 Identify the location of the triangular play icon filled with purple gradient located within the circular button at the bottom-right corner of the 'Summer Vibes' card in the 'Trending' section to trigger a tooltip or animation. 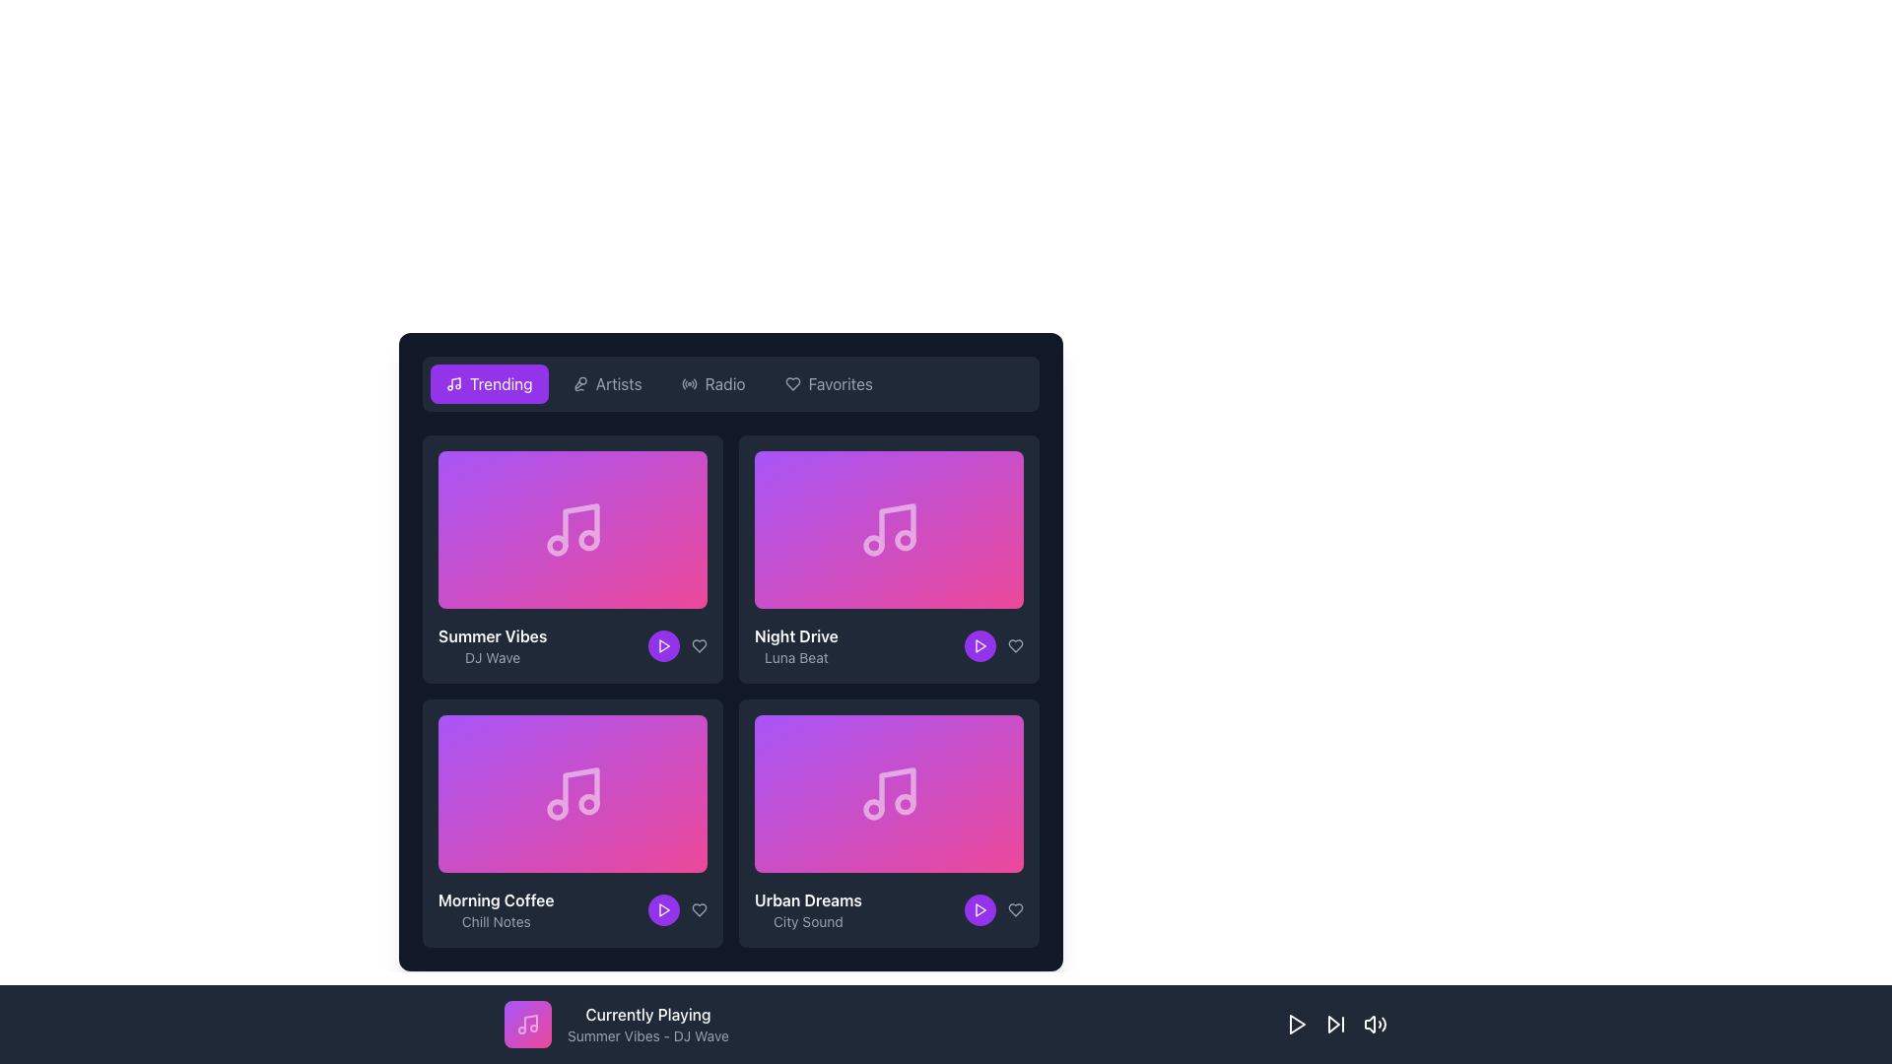
(664, 645).